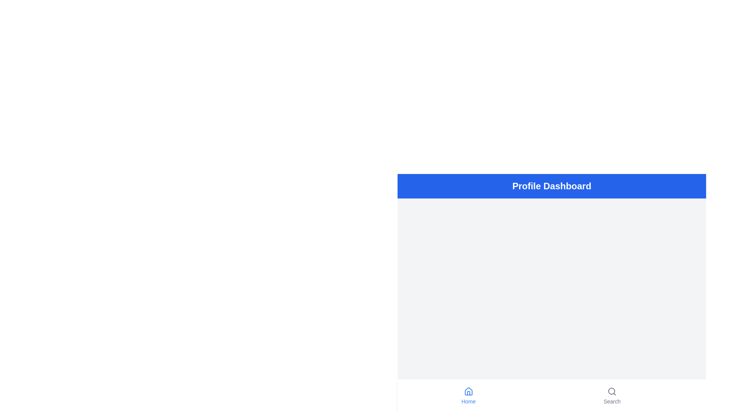 The width and height of the screenshot is (734, 413). I want to click on the navigation button located at the bottom navigation bar, which is the first item from the left, so click(468, 396).